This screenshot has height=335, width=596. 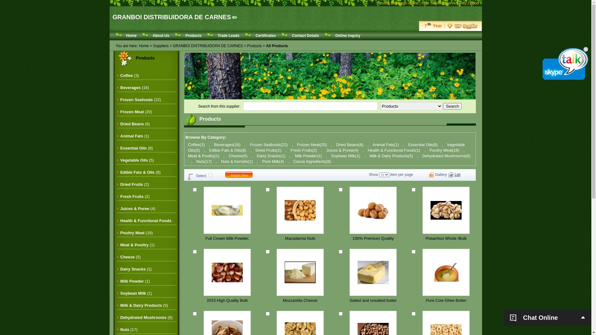 What do you see at coordinates (136, 148) in the screenshot?
I see `'Essential Oils (8)'` at bounding box center [136, 148].